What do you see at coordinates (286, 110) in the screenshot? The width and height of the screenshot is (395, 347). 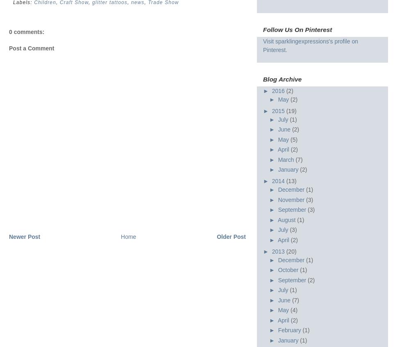 I see `'(19)'` at bounding box center [286, 110].